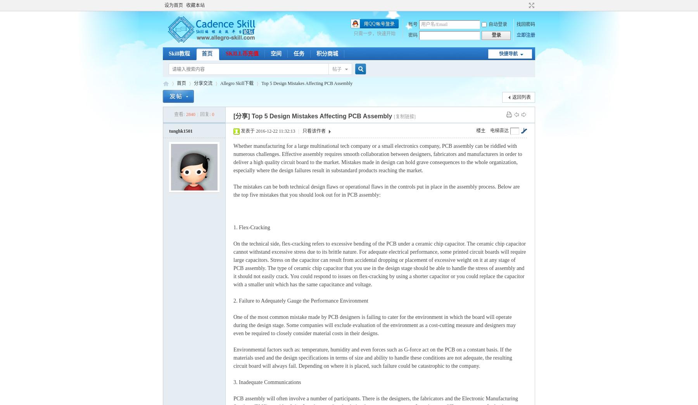 This screenshot has height=405, width=698. What do you see at coordinates (185, 114) in the screenshot?
I see `'2840'` at bounding box center [185, 114].